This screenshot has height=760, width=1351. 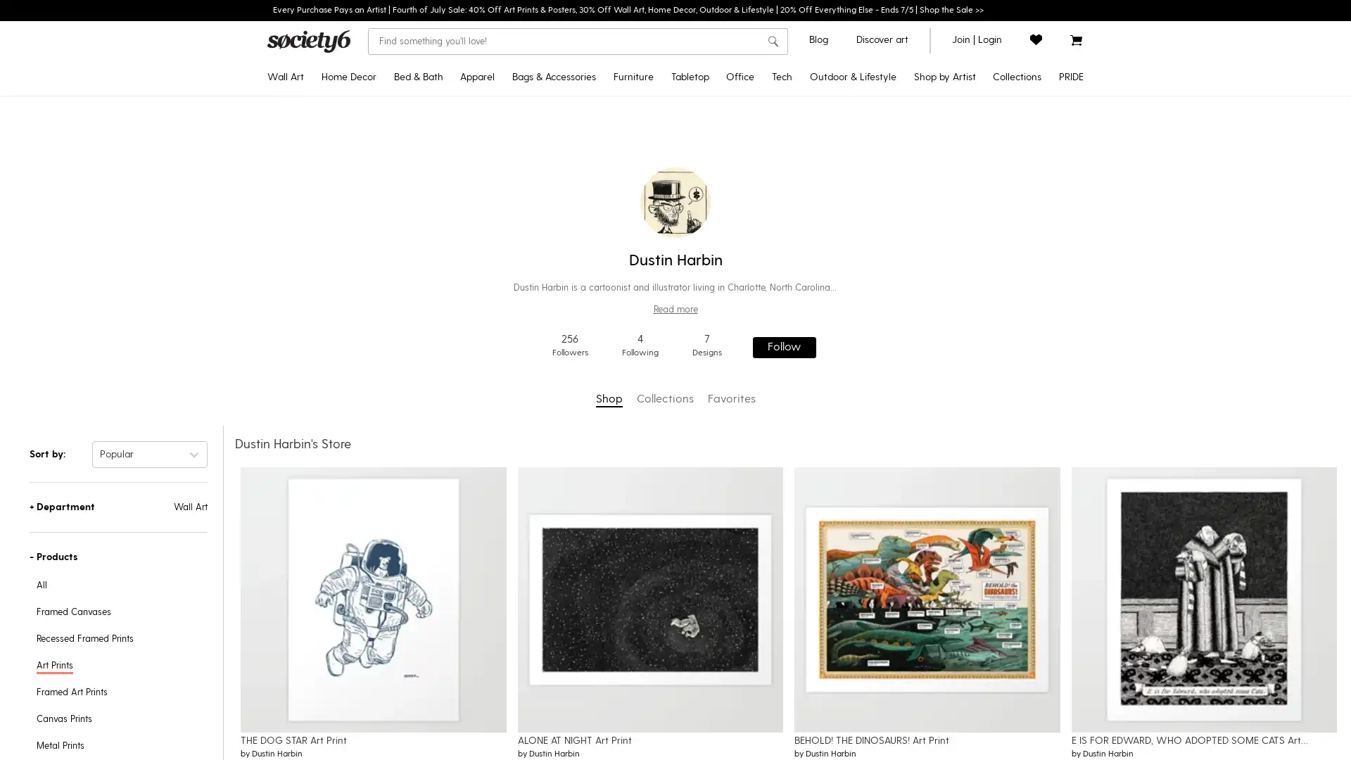 What do you see at coordinates (375, 225) in the screenshot?
I see `Blackout Curtains` at bounding box center [375, 225].